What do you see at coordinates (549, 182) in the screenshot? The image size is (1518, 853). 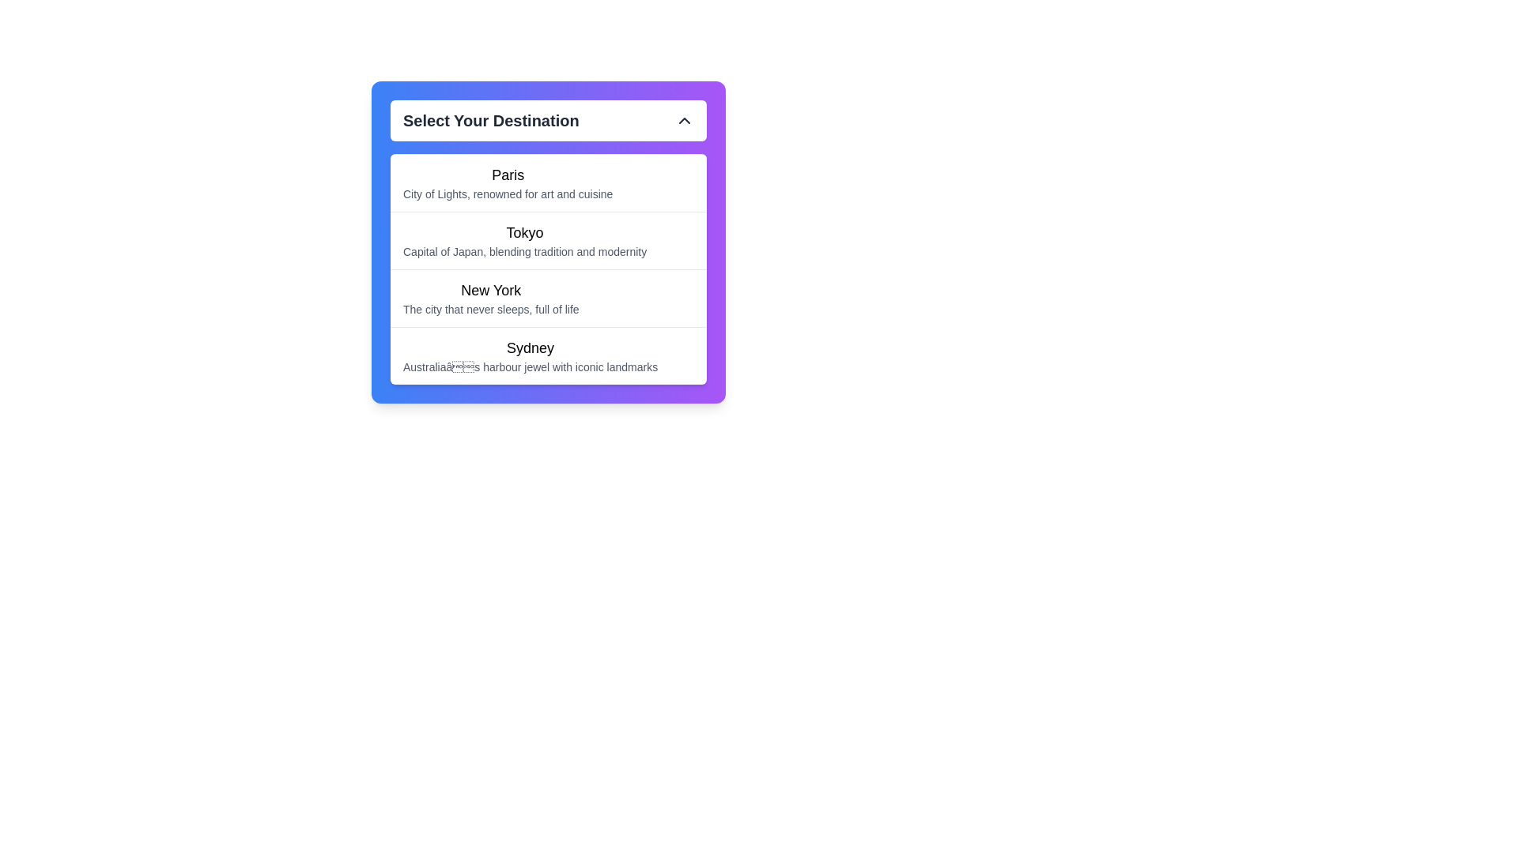 I see `the text block representing 'Paris' in the selectable list under the header 'Select Your Destination.'` at bounding box center [549, 182].